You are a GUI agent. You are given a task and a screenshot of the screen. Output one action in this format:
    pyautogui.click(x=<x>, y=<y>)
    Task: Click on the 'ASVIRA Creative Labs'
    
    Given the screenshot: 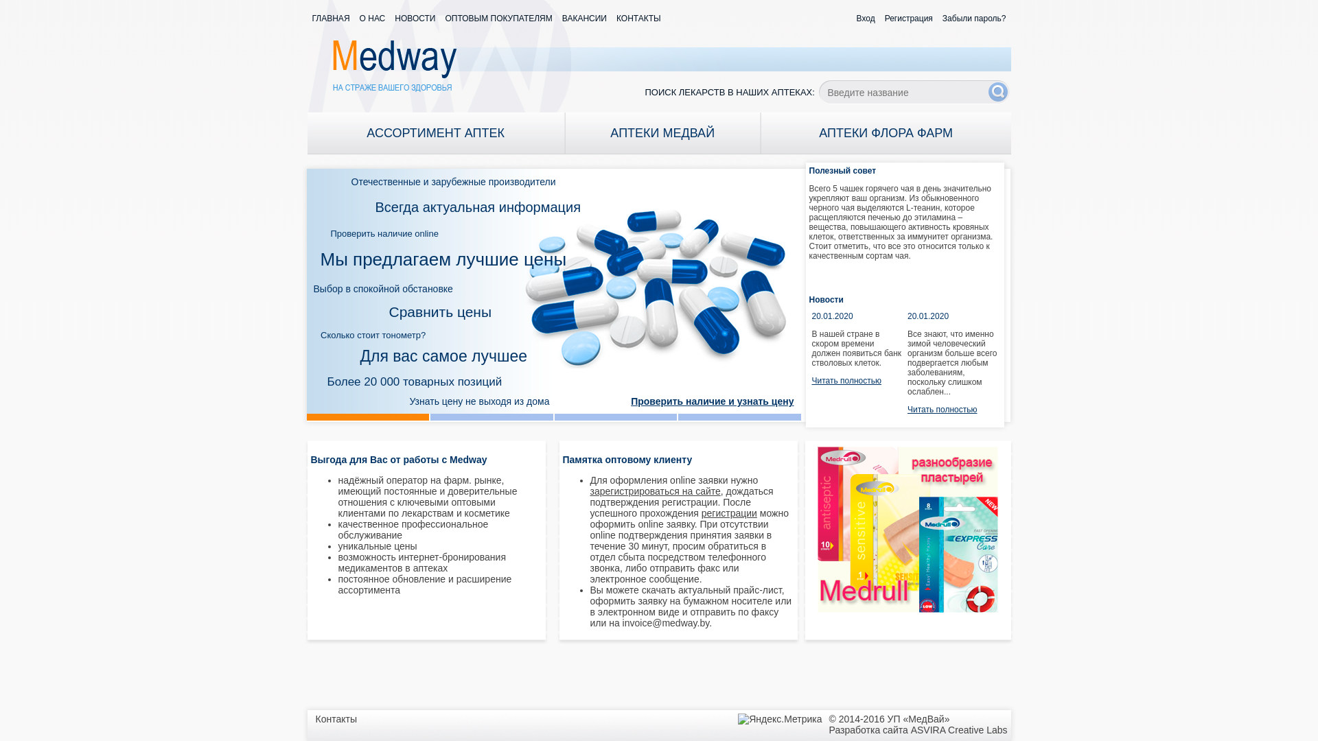 What is the action you would take?
    pyautogui.click(x=958, y=729)
    